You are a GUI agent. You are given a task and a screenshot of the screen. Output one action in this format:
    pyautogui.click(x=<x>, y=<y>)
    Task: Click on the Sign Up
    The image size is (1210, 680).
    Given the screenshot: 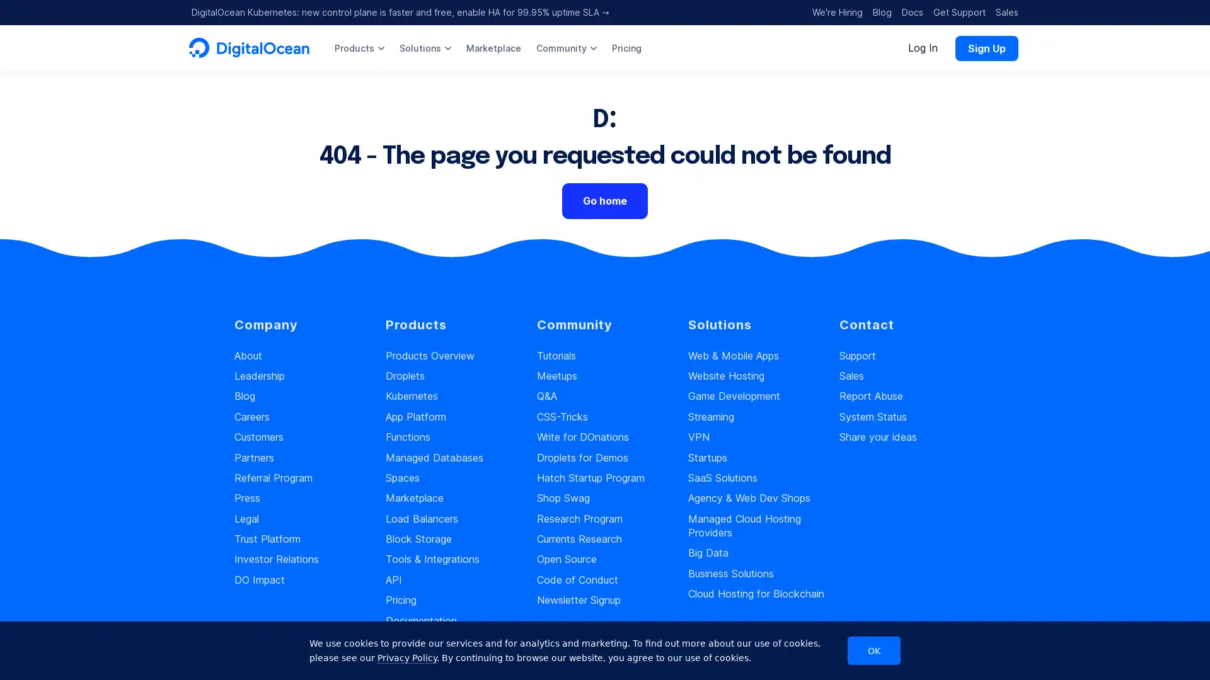 What is the action you would take?
    pyautogui.click(x=986, y=47)
    